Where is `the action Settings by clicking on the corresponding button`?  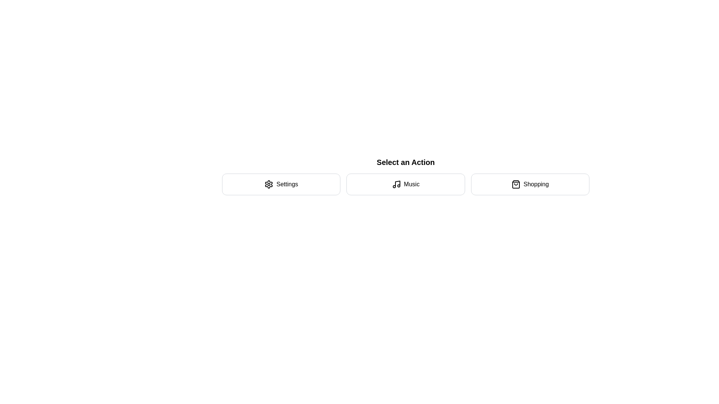
the action Settings by clicking on the corresponding button is located at coordinates (280, 184).